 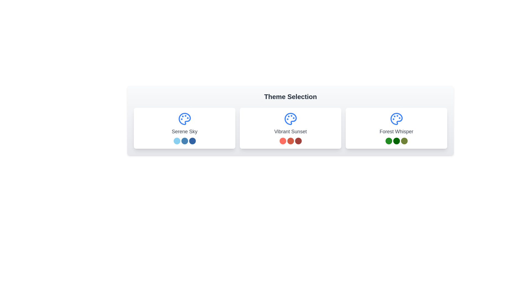 What do you see at coordinates (298, 140) in the screenshot?
I see `the small, circular dark red icon that is the third and rightmost item in the row of three circular icons at the bottom of the 'Vibrant Sunset' card` at bounding box center [298, 140].